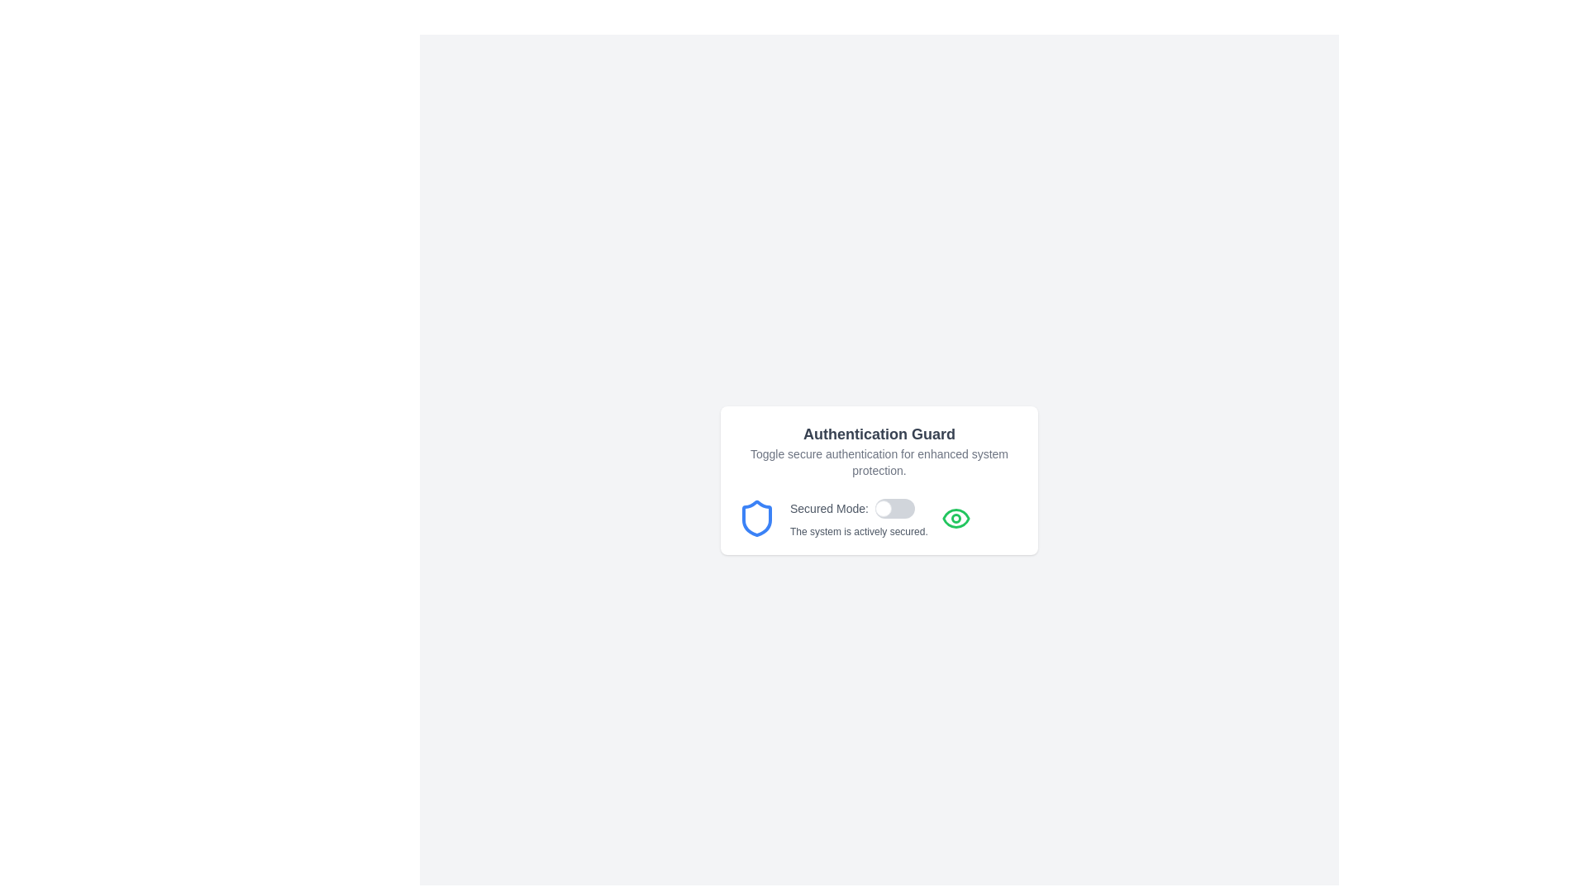 This screenshot has height=892, width=1587. What do you see at coordinates (882, 508) in the screenshot?
I see `the movable switch thumb of the toggle component located at the bottom-right part of the interface card` at bounding box center [882, 508].